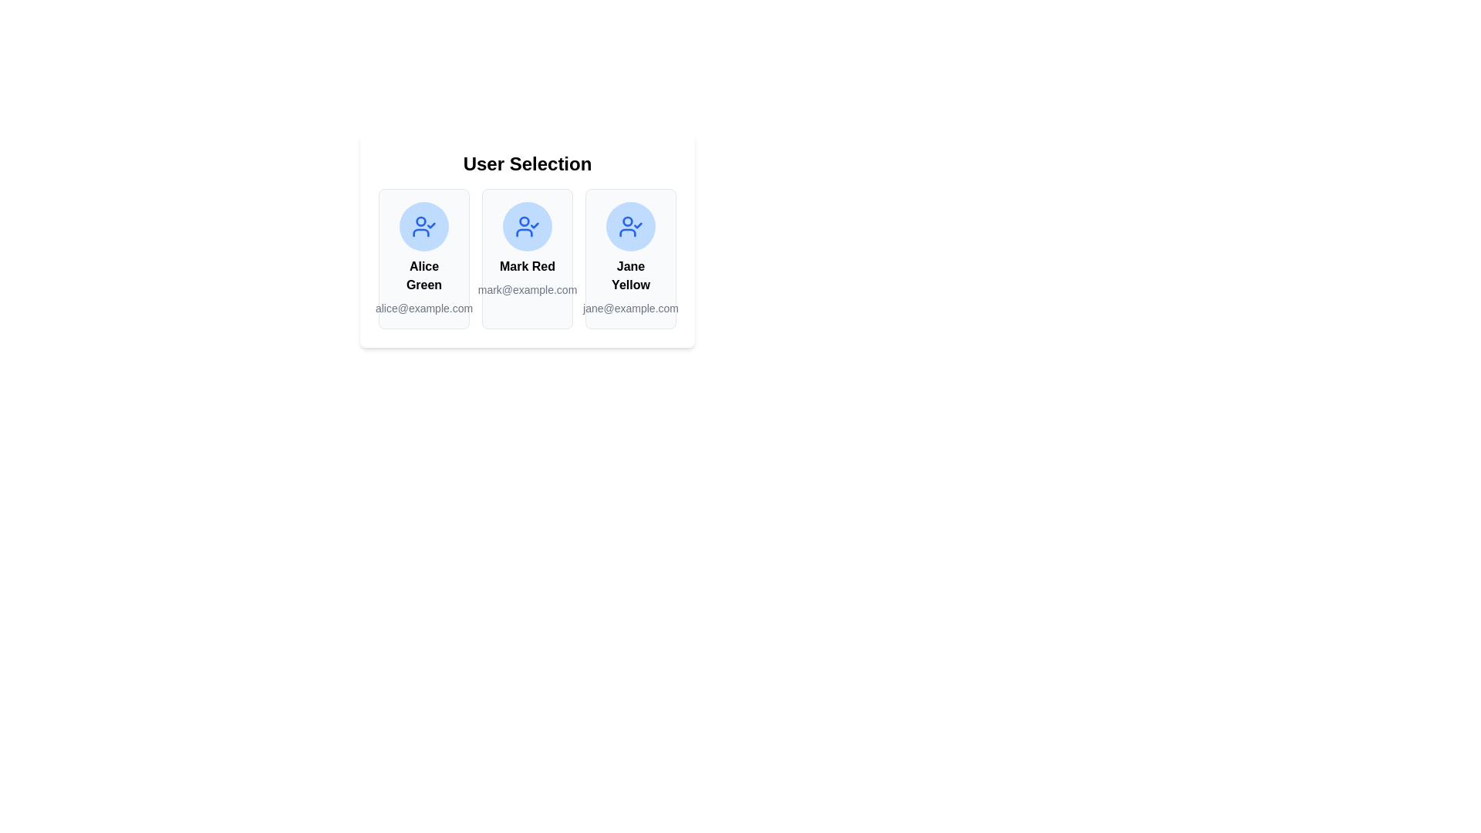 The image size is (1481, 833). Describe the element at coordinates (630, 275) in the screenshot. I see `the text label displaying 'Jane Yellow' in the third user profile card, which is styled in bold and is centrally located above the email address` at that location.